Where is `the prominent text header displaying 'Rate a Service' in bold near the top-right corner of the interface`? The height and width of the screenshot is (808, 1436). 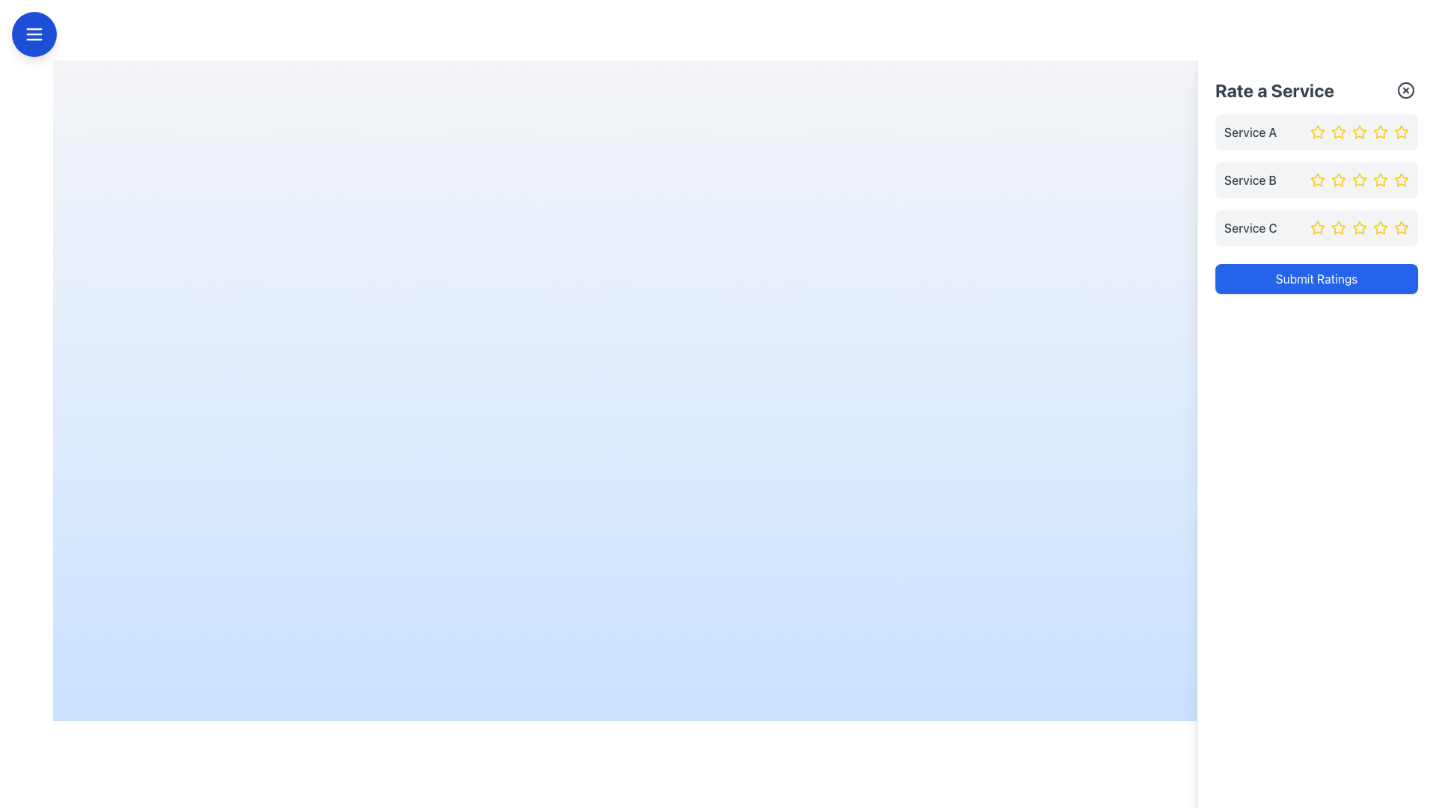
the prominent text header displaying 'Rate a Service' in bold near the top-right corner of the interface is located at coordinates (1274, 90).